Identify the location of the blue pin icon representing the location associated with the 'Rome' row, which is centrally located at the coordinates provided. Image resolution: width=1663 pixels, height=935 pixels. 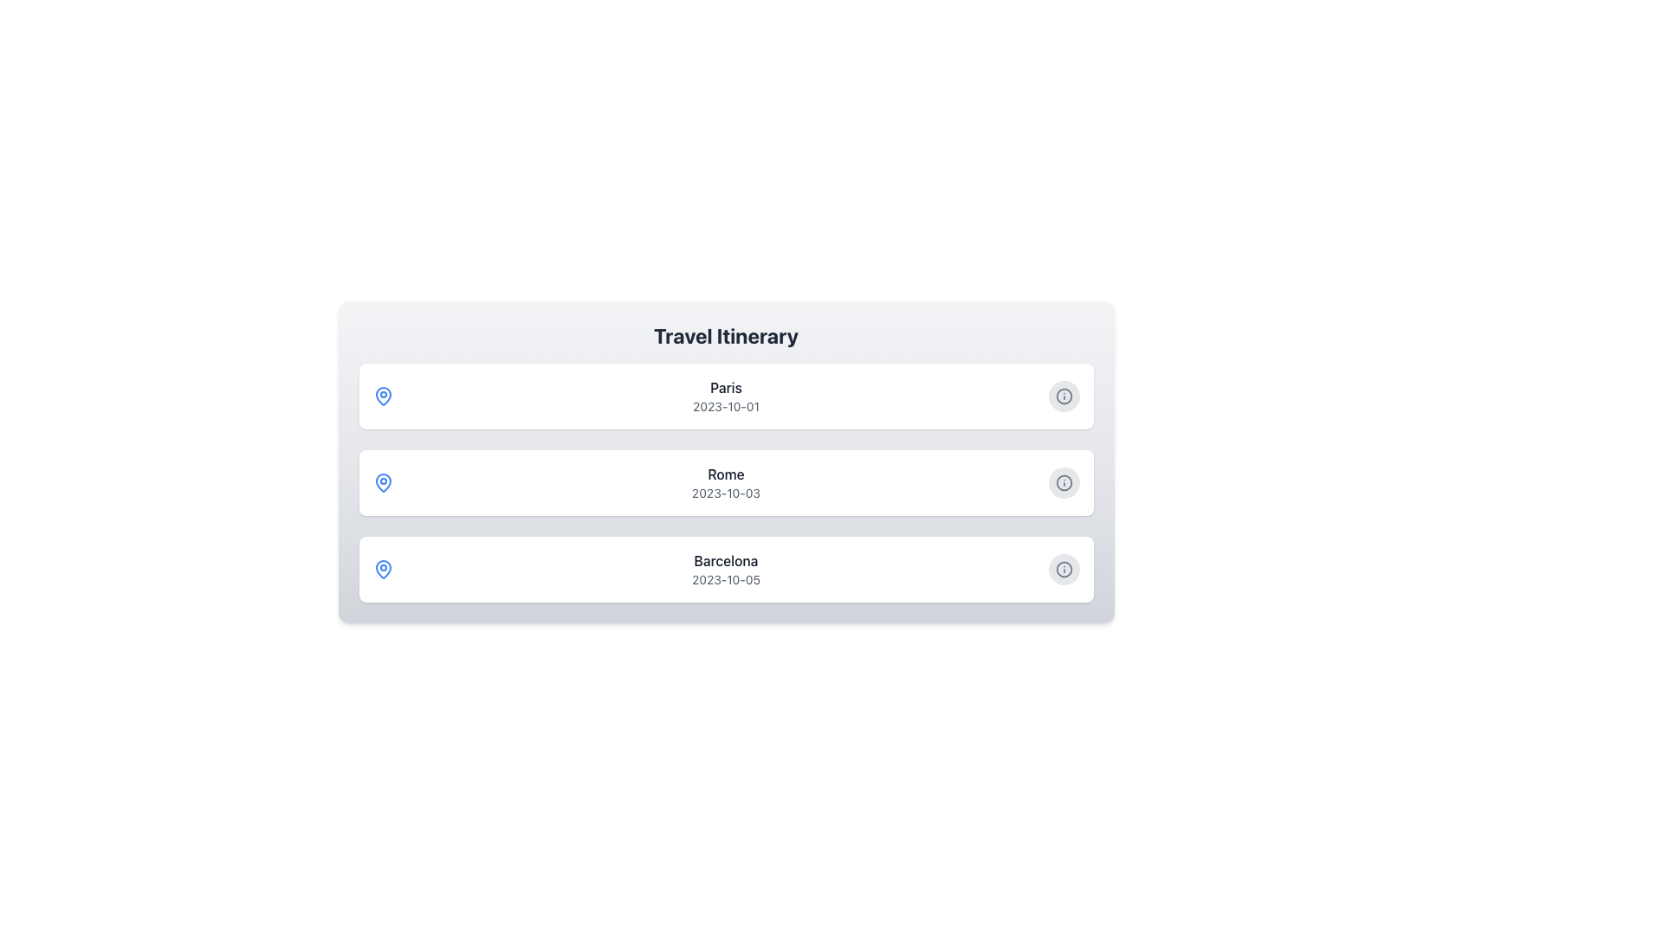
(382, 483).